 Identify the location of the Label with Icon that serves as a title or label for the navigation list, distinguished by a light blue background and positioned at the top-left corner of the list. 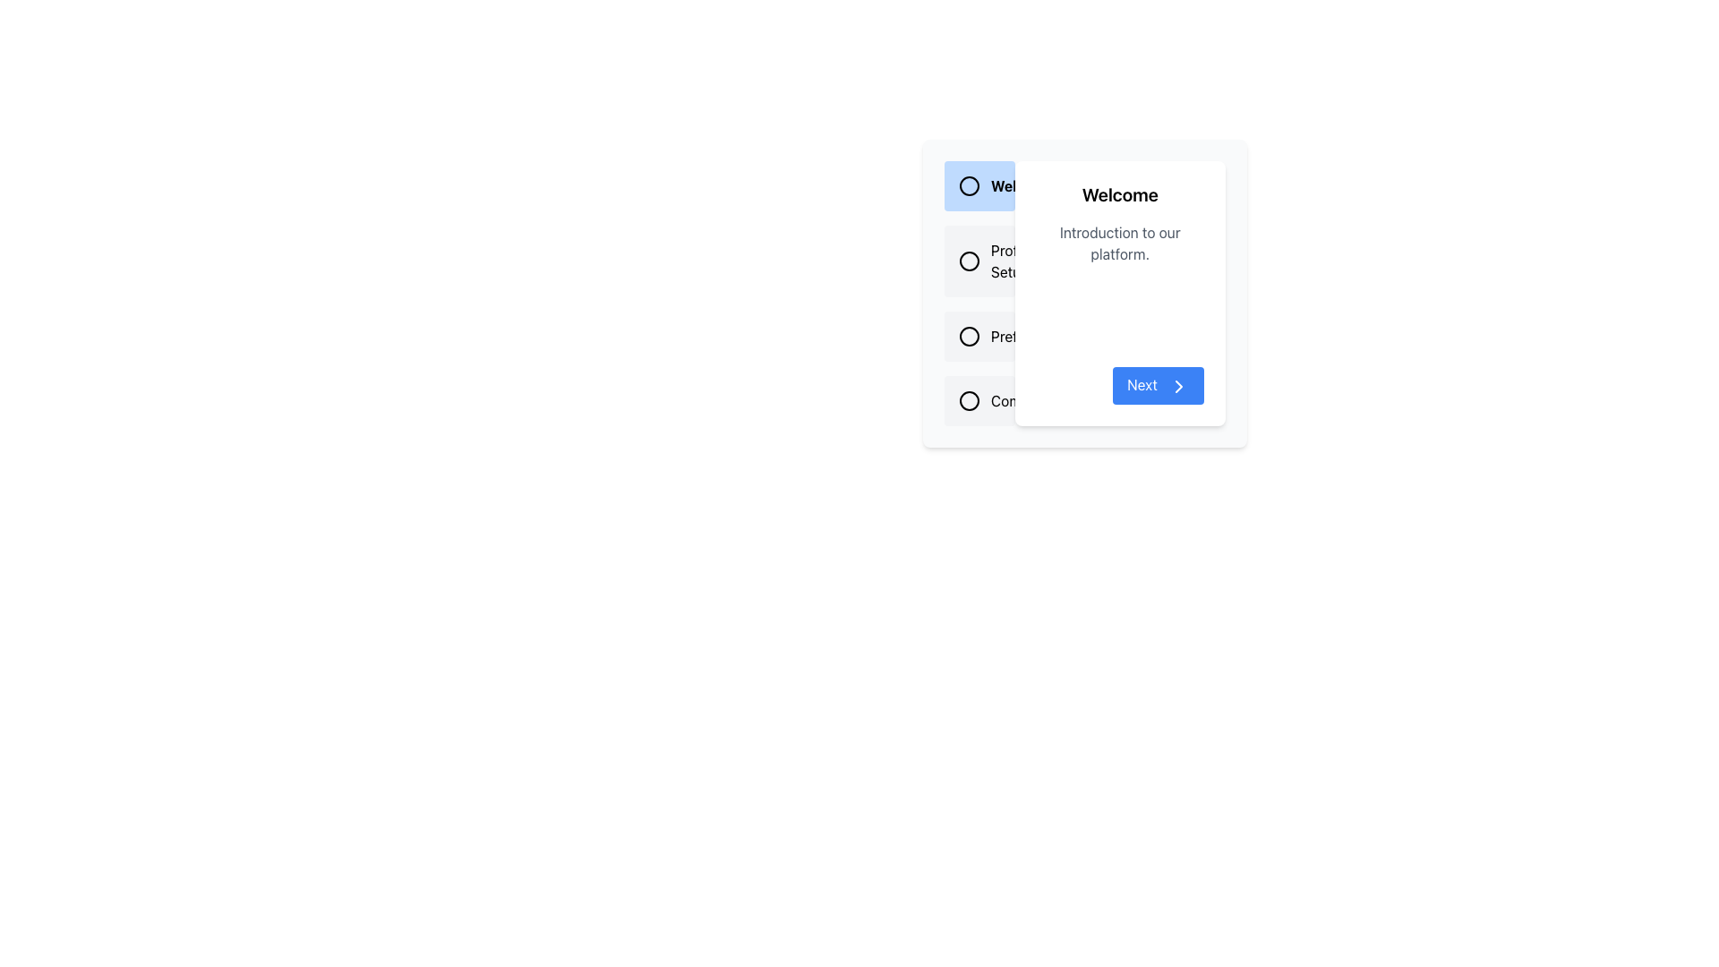
(979, 186).